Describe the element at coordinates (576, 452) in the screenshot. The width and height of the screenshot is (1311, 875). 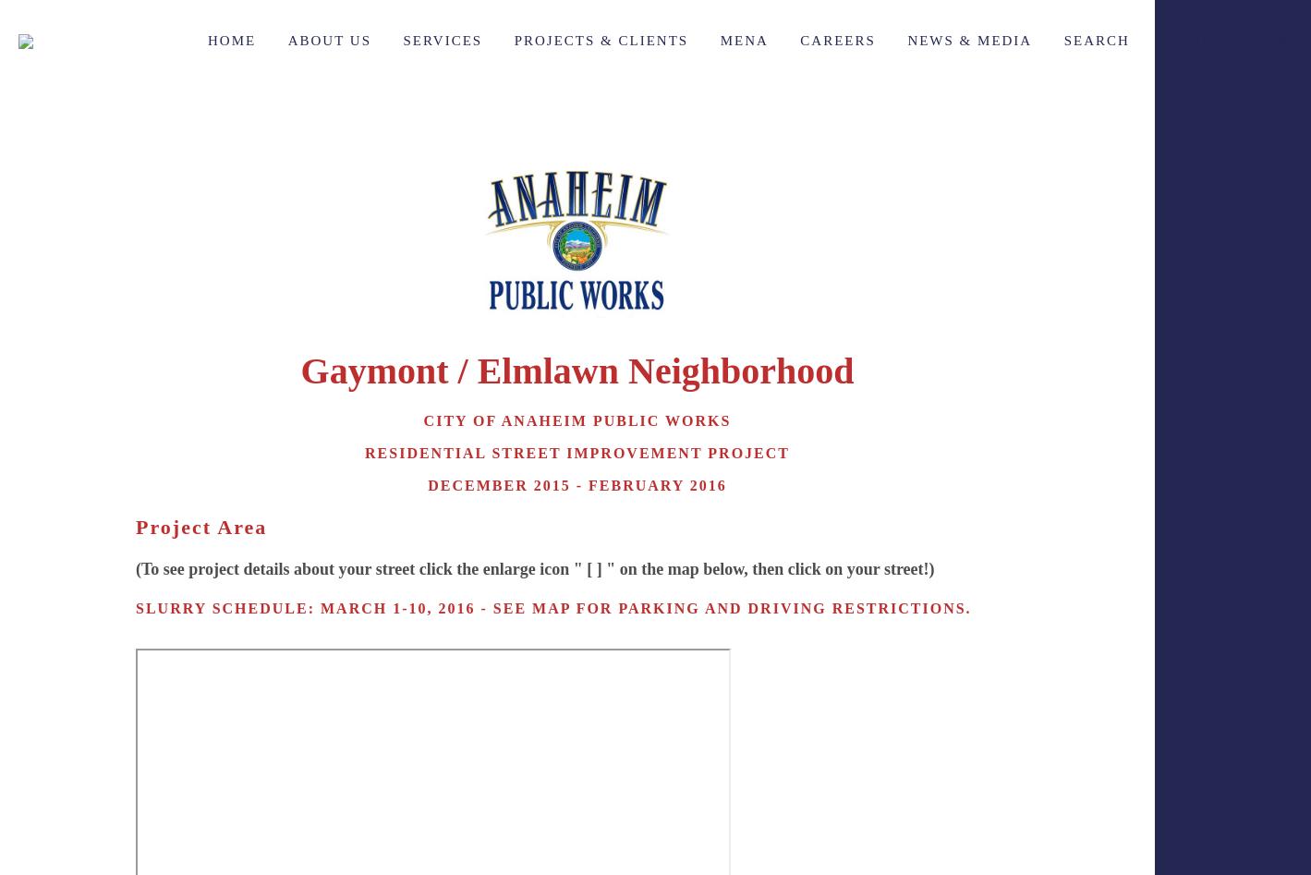
I see `'Residential street improvement project'` at that location.